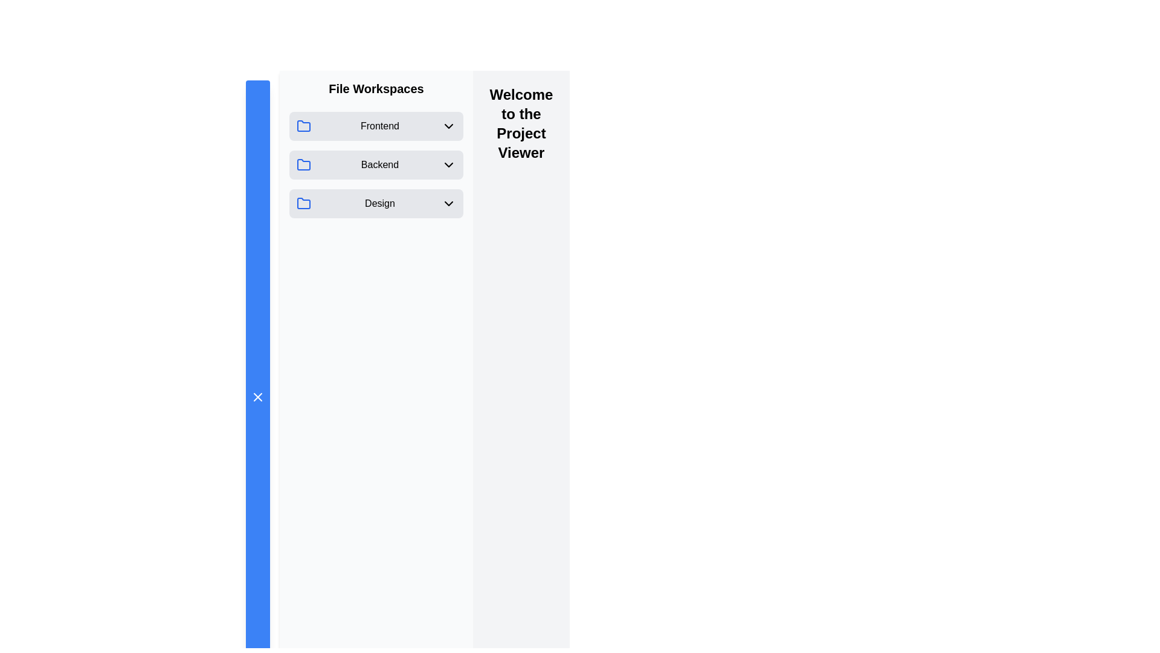 The image size is (1160, 653). I want to click on the text label or heading that indicates the section for file workspaces, located at the top of the workspace list, so click(376, 88).